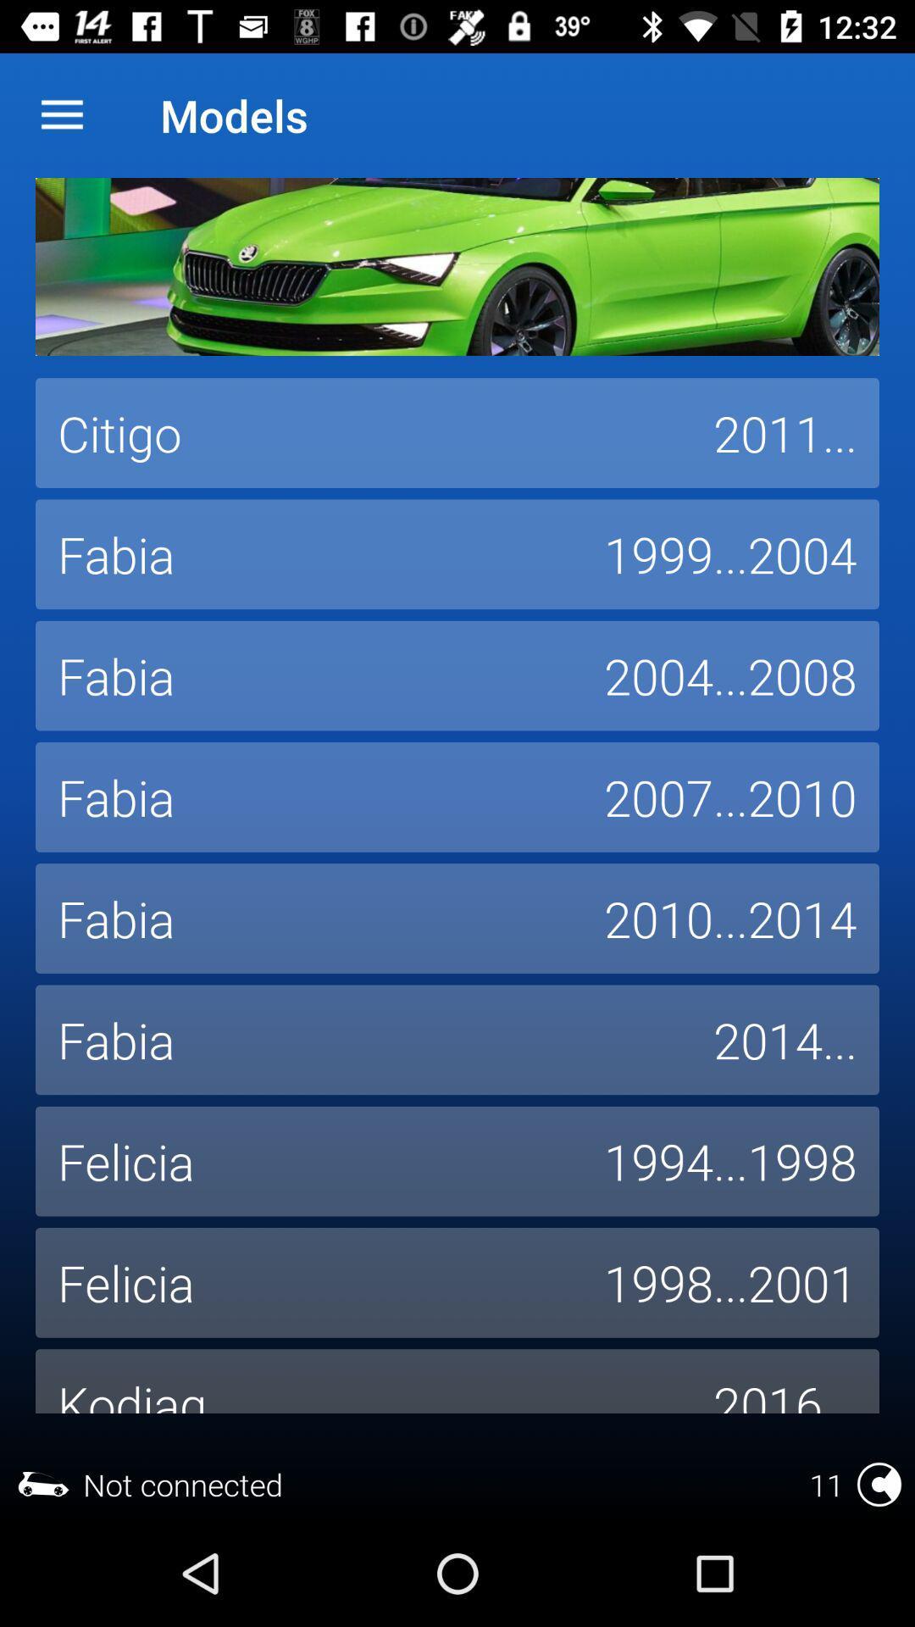 This screenshot has width=915, height=1627. I want to click on item below 1998...2001 icon, so click(785, 1381).